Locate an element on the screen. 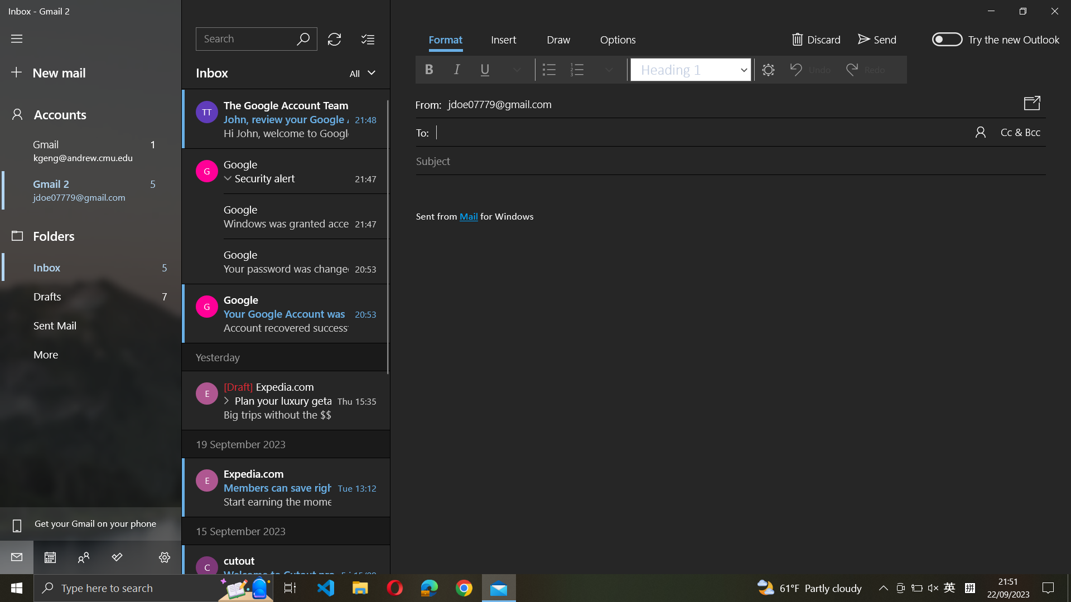 The image size is (1071, 602). Update the mailbox is located at coordinates (334, 38).